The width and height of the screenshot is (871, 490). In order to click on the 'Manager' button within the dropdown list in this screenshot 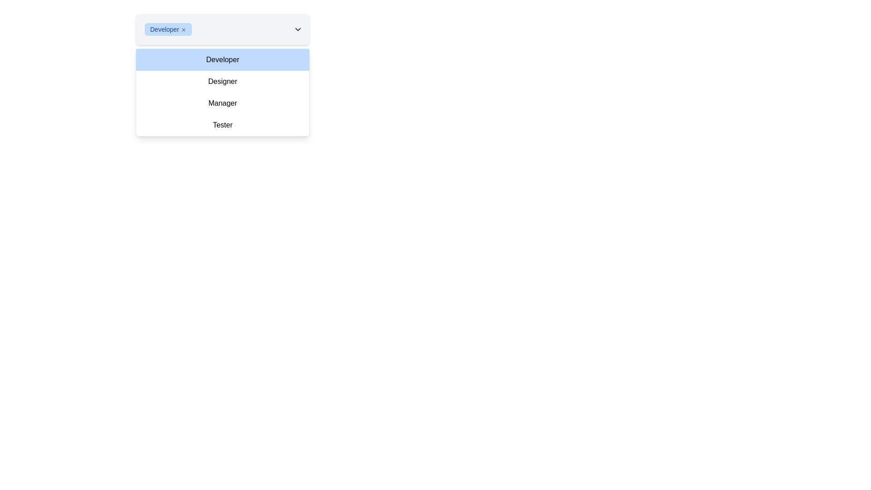, I will do `click(222, 103)`.